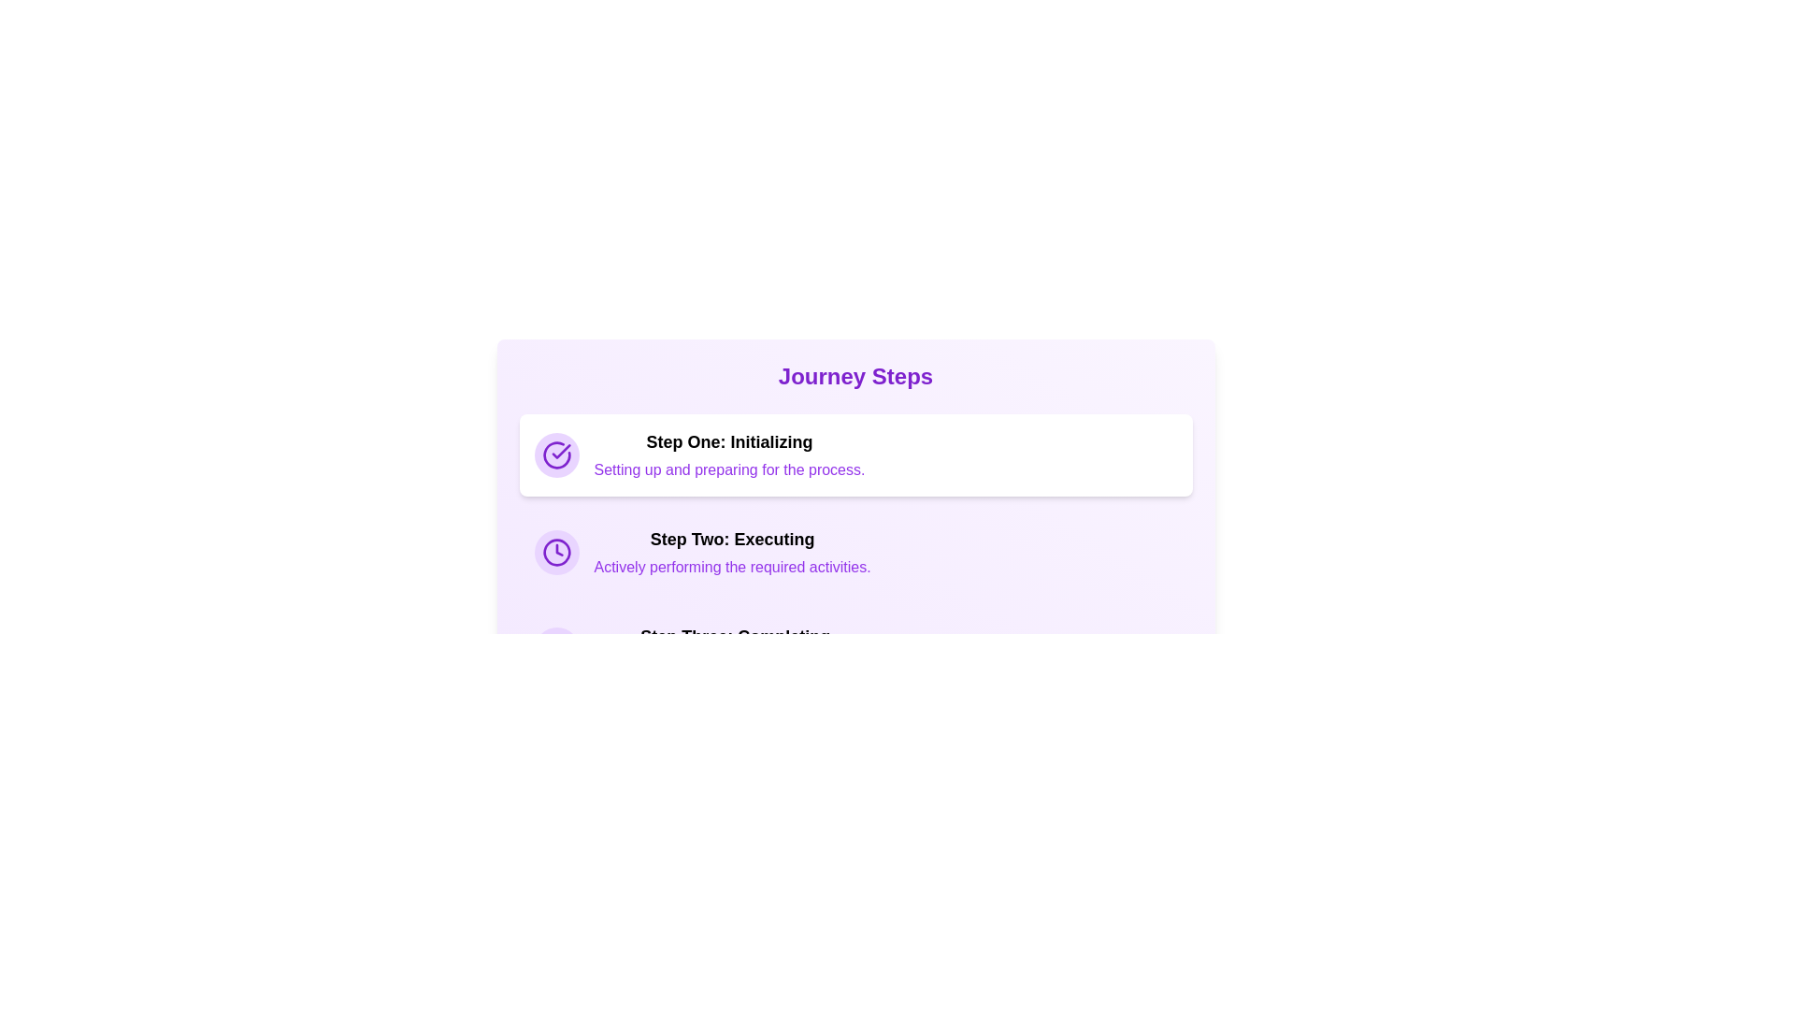 The image size is (1795, 1010). Describe the element at coordinates (734, 636) in the screenshot. I see `the title text for the third instructional step in the 'Journey Steps' interface, located before the description text 'Bringing the process to a successful finish.'` at that location.